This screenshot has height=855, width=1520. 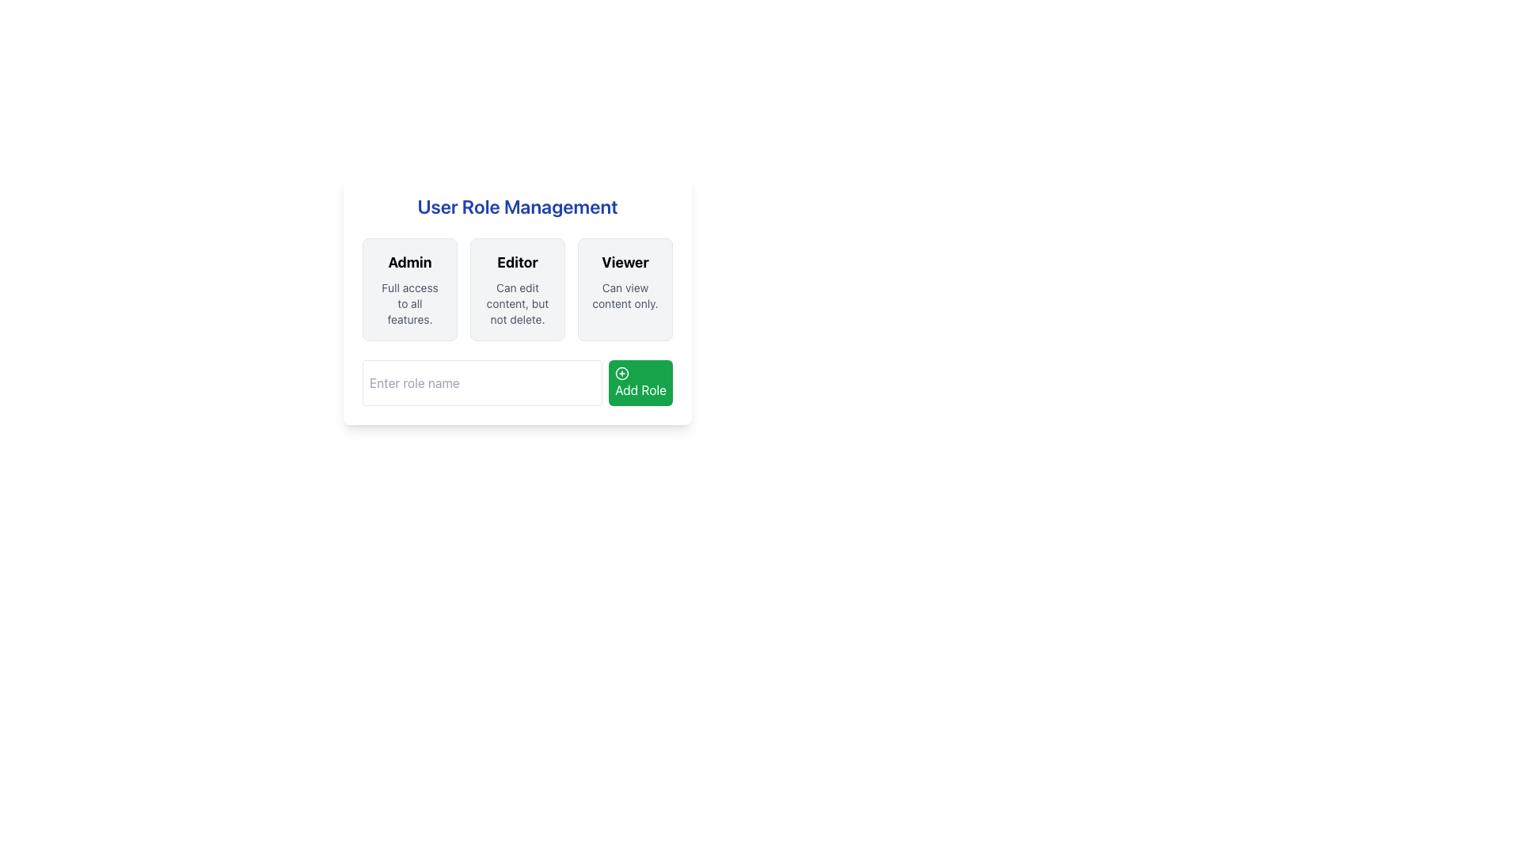 I want to click on the bold black text label displaying the word 'Viewer' which is located inside the rectangular box labeled 'Viewer - Can view content only' at the top of the interface, so click(x=625, y=261).